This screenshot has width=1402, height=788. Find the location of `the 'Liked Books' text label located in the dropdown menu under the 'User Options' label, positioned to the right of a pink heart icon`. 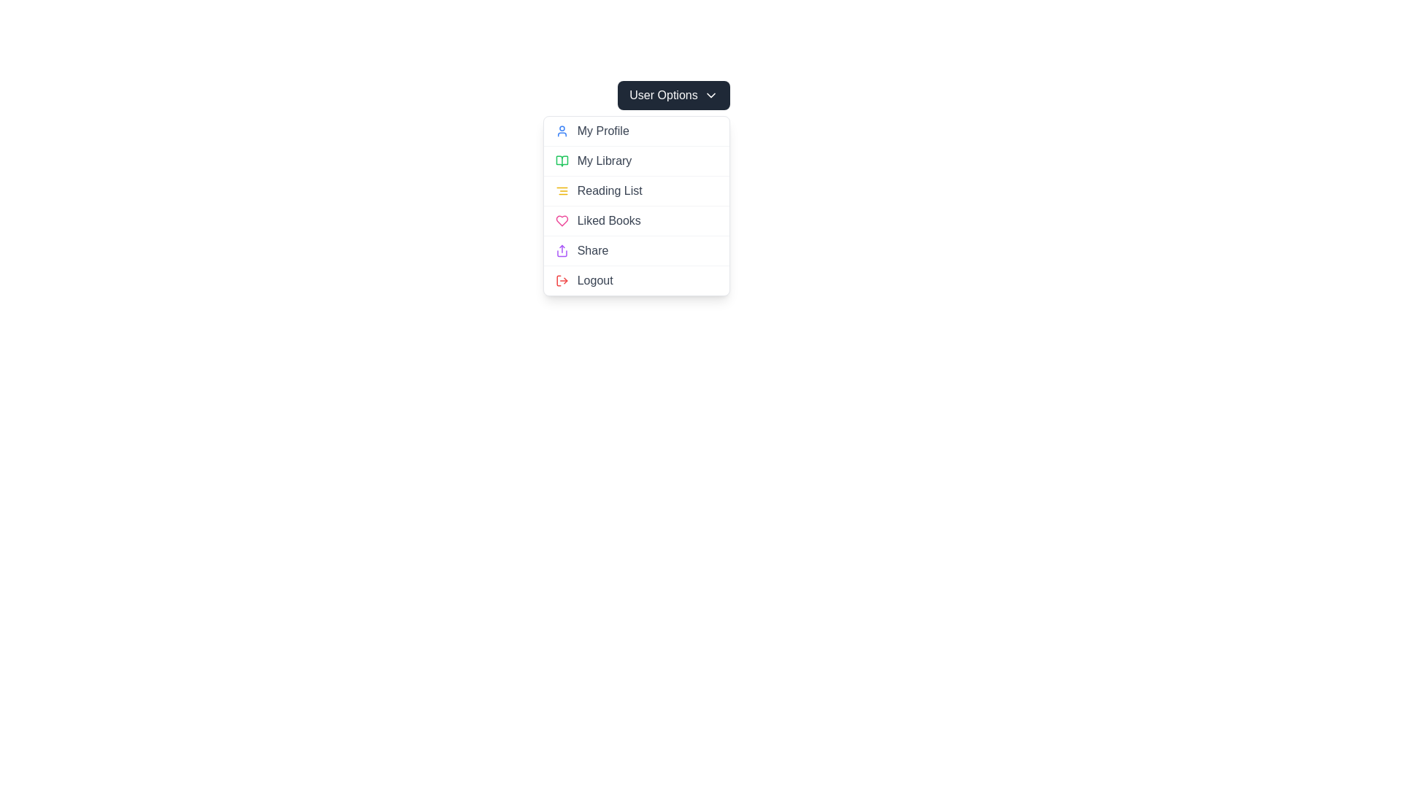

the 'Liked Books' text label located in the dropdown menu under the 'User Options' label, positioned to the right of a pink heart icon is located at coordinates (609, 221).